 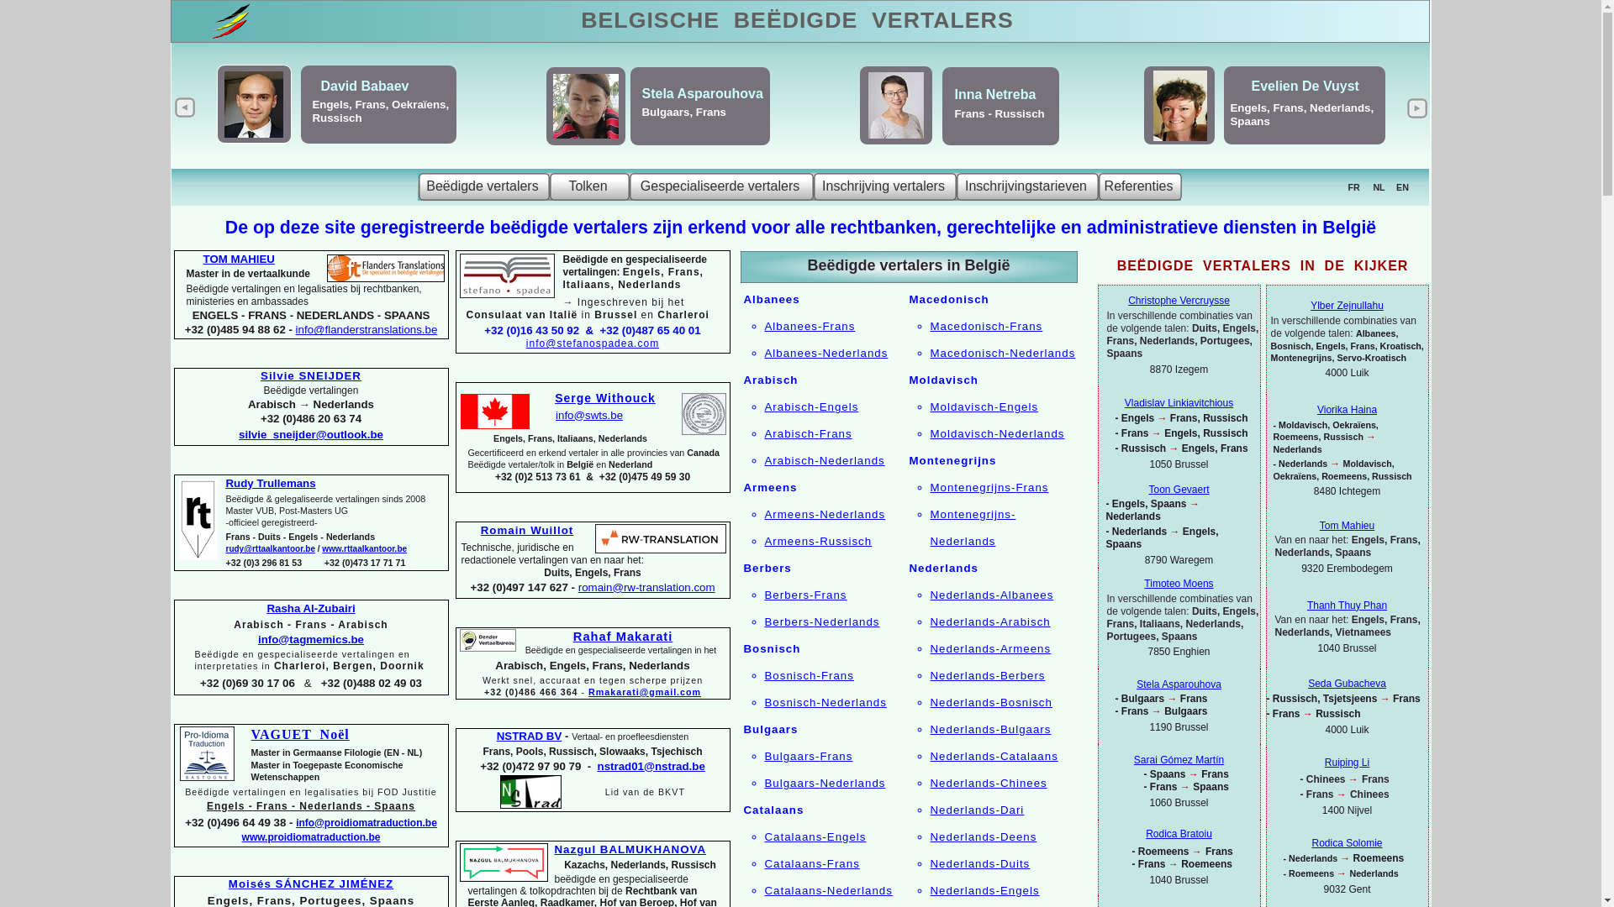 I want to click on 'EN', so click(x=1402, y=187).